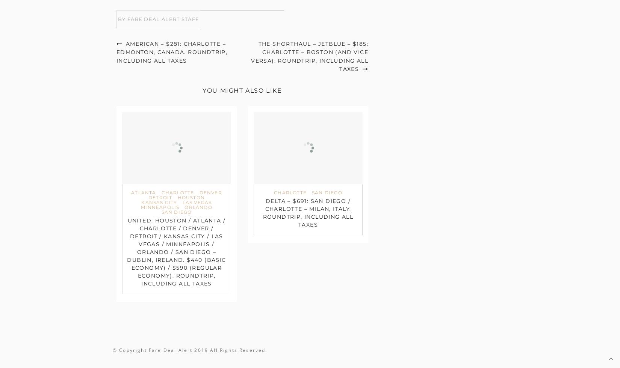 The width and height of the screenshot is (620, 368). Describe the element at coordinates (262, 213) in the screenshot. I see `'Delta – $691: San Diego / Charlotte – Milan, Italy. Roundtrip, including all Taxes'` at that location.